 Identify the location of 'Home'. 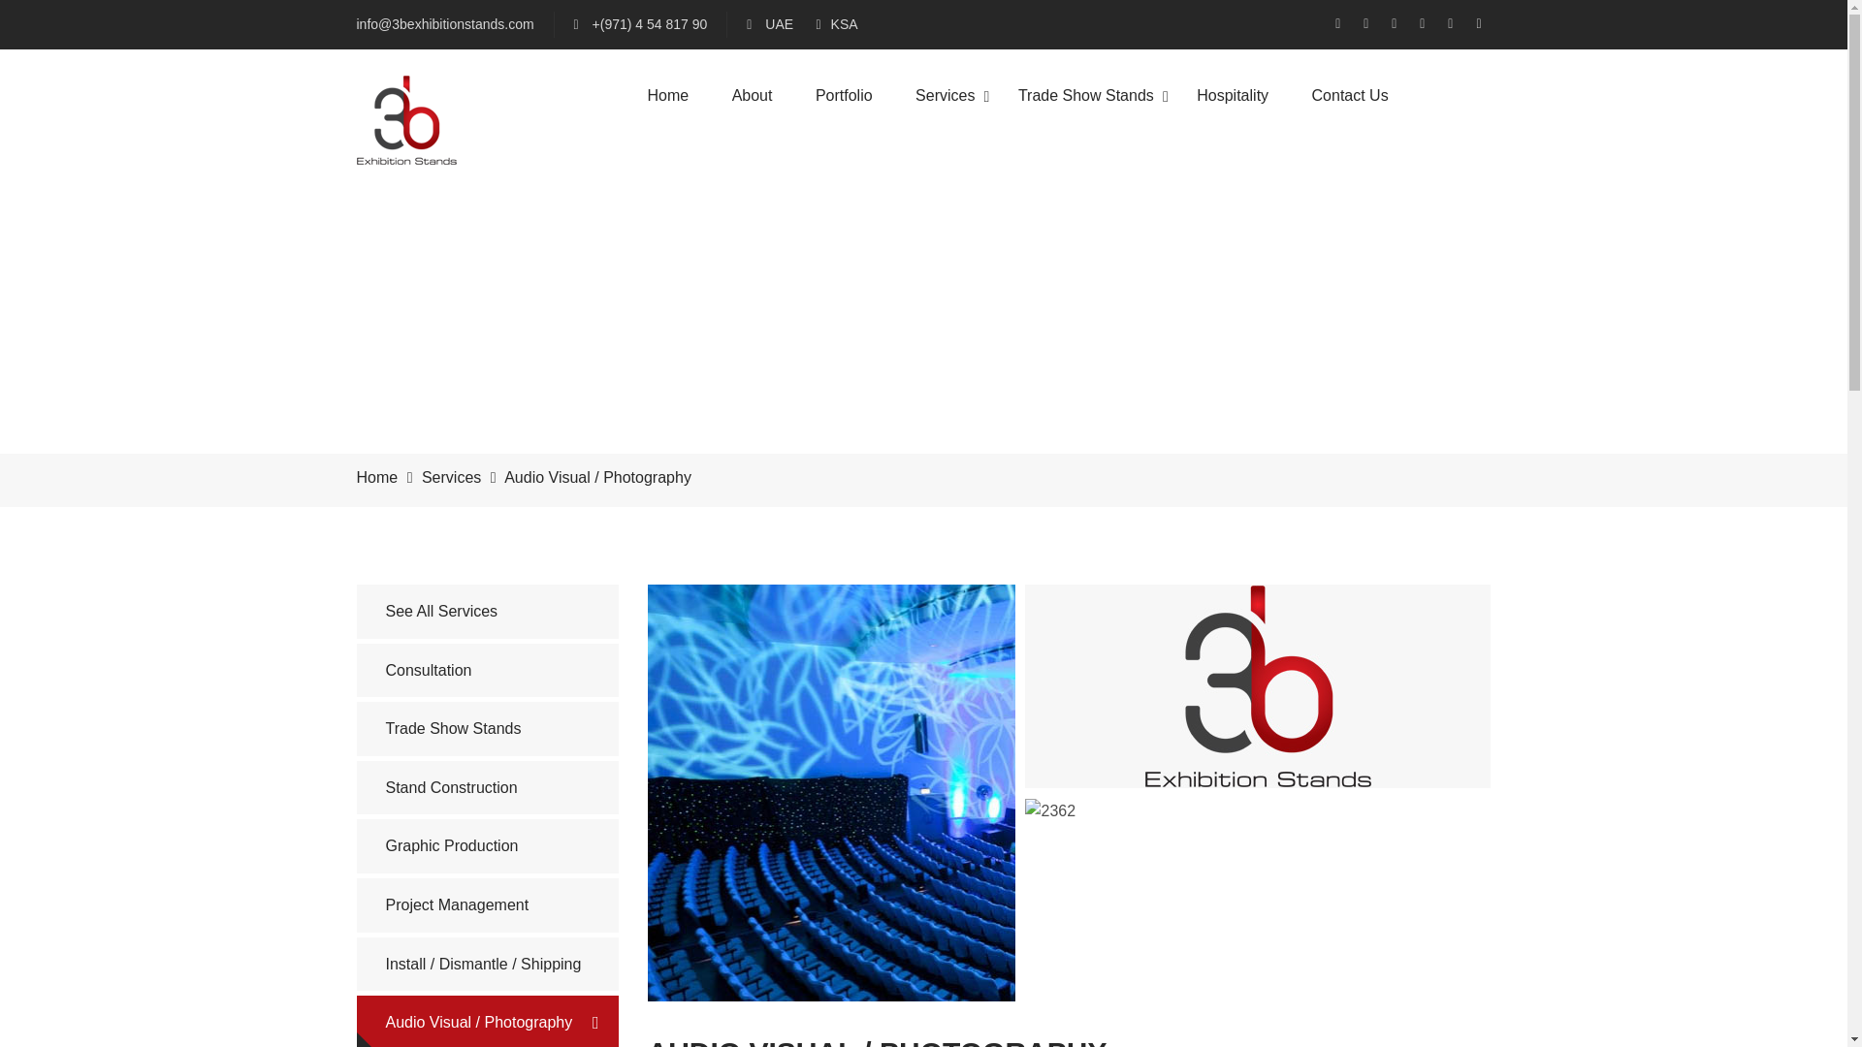
(668, 95).